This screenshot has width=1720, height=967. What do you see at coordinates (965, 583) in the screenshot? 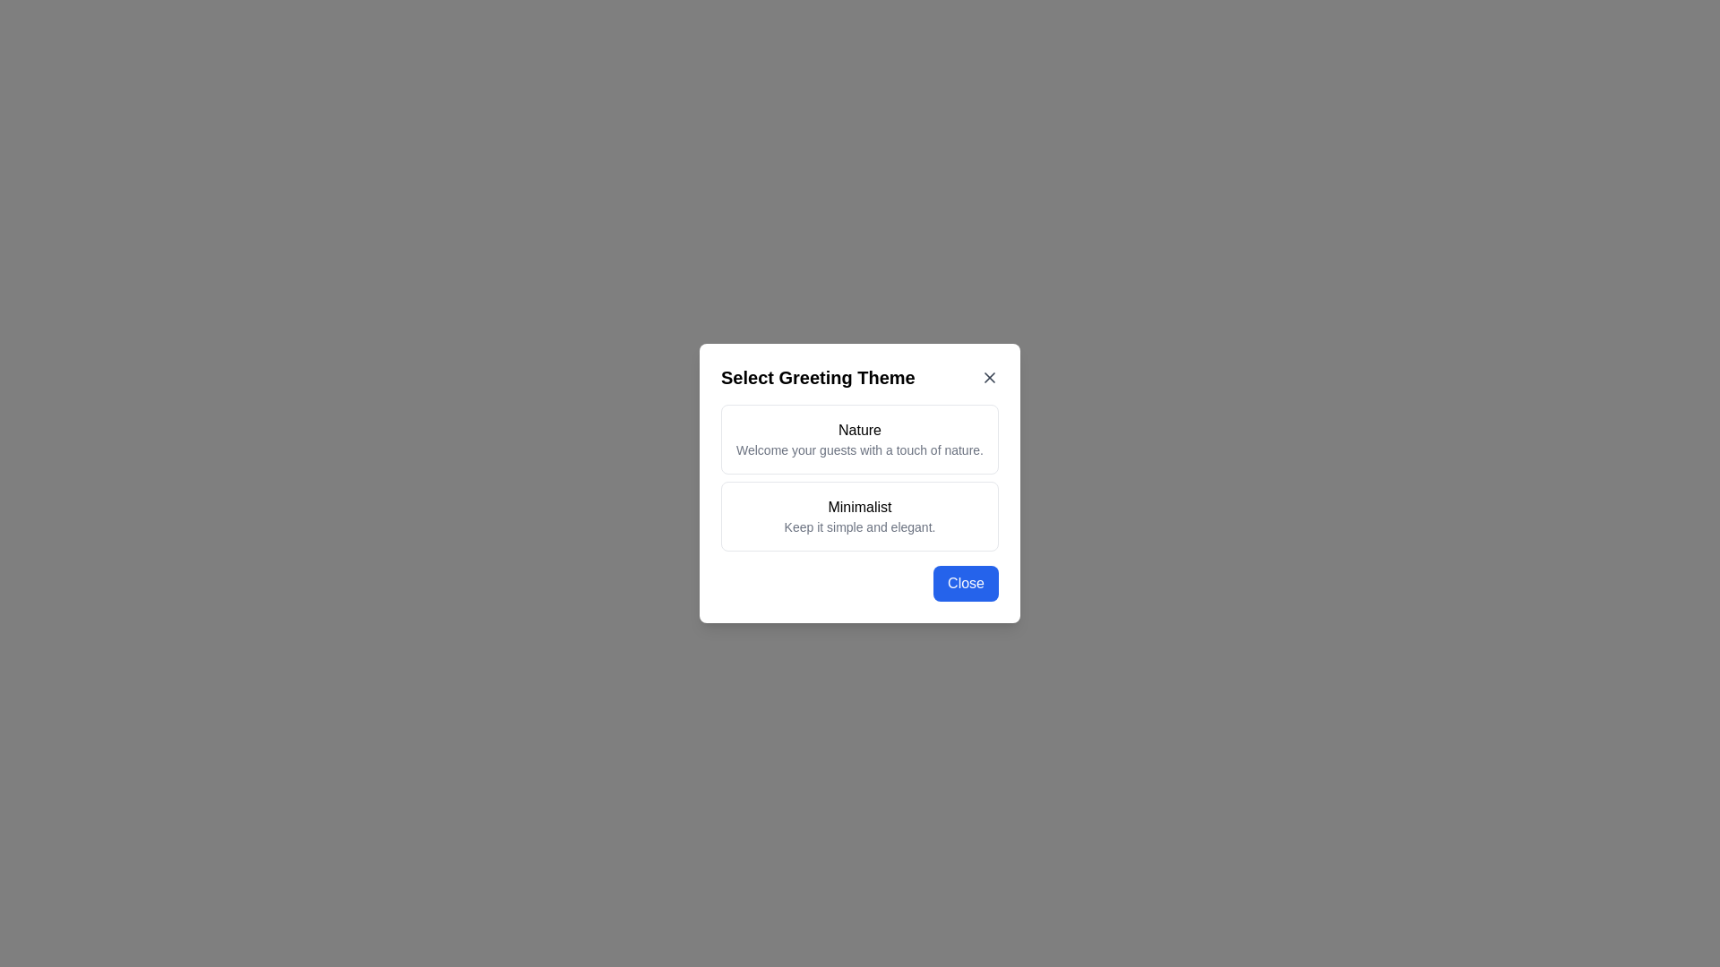
I see `the button located at the bottom-right corner of the modal dialog` at bounding box center [965, 583].